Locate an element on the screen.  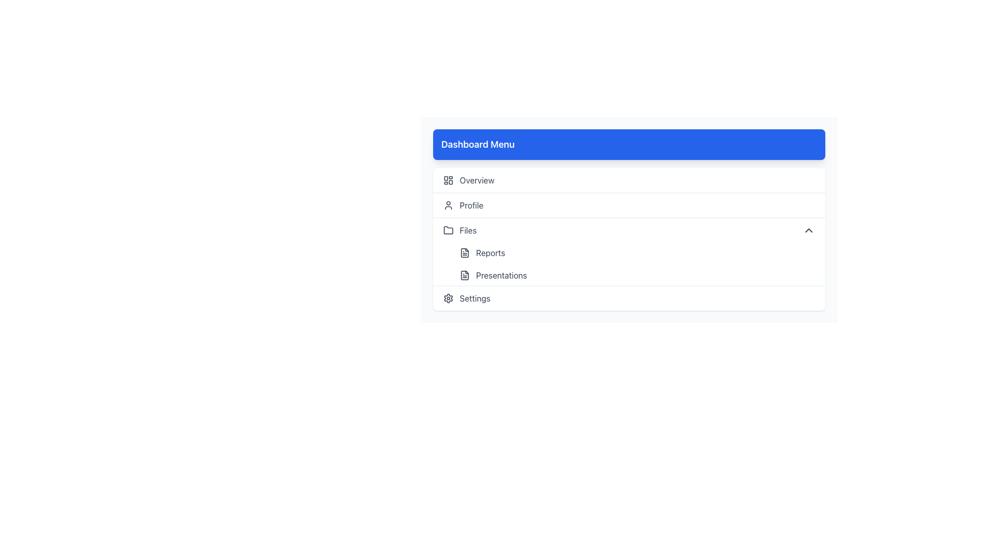
the navigational link located after the 'Presentations' item is located at coordinates (628, 298).